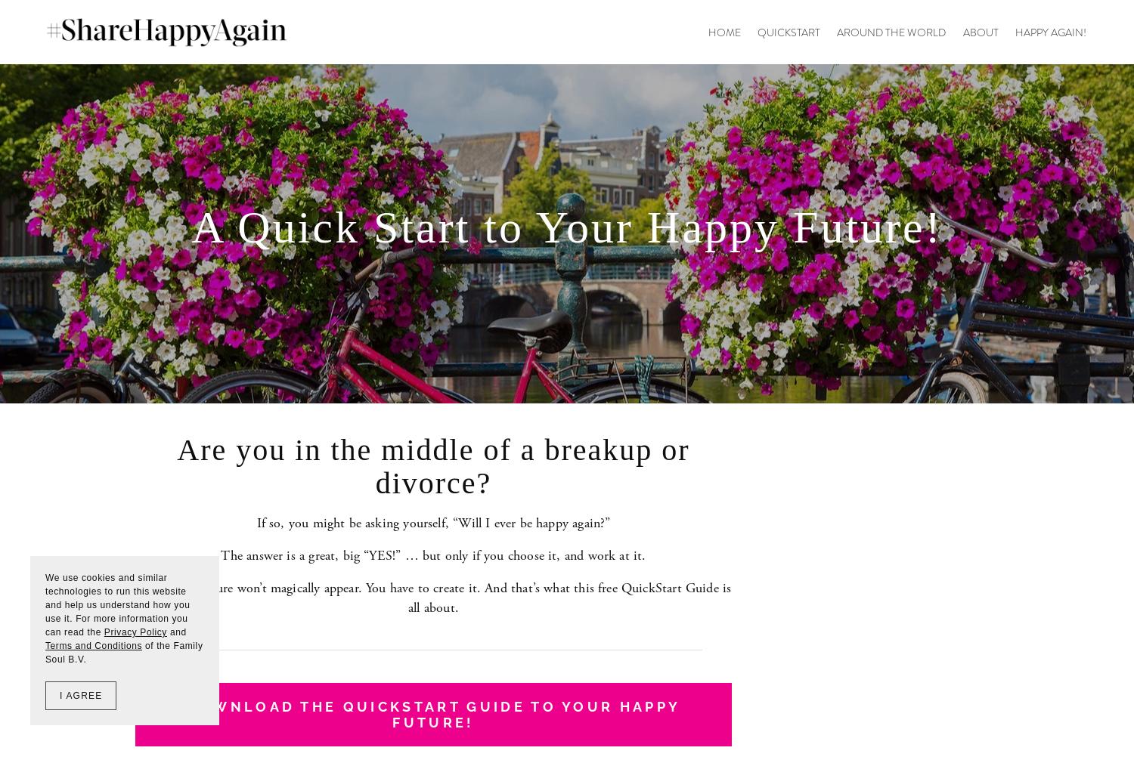 Image resolution: width=1134 pixels, height=763 pixels. Describe the element at coordinates (788, 31) in the screenshot. I see `'QUICKSTART'` at that location.